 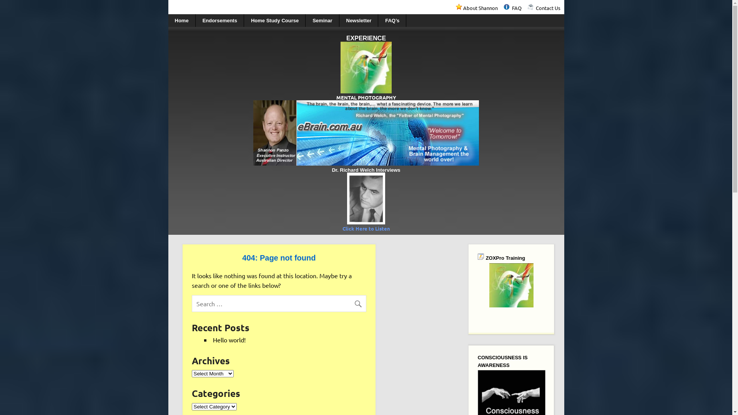 I want to click on 'Hello world!', so click(x=229, y=339).